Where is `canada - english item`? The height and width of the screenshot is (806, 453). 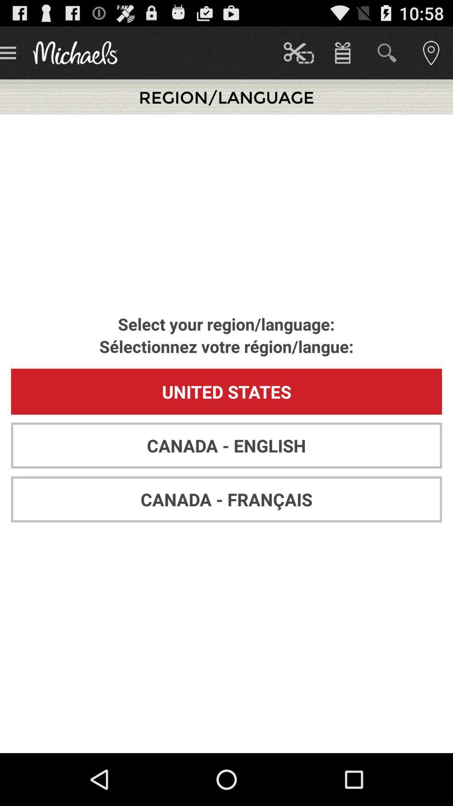 canada - english item is located at coordinates (226, 445).